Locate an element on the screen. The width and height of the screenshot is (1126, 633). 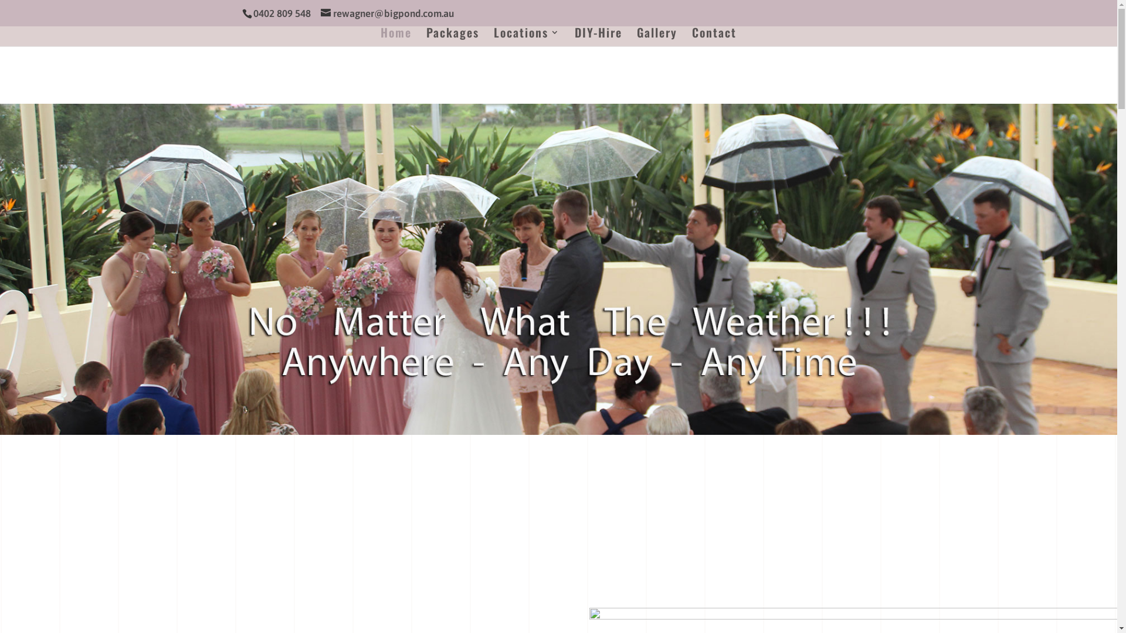
'rewagner@bigpond.com.au' is located at coordinates (386, 13).